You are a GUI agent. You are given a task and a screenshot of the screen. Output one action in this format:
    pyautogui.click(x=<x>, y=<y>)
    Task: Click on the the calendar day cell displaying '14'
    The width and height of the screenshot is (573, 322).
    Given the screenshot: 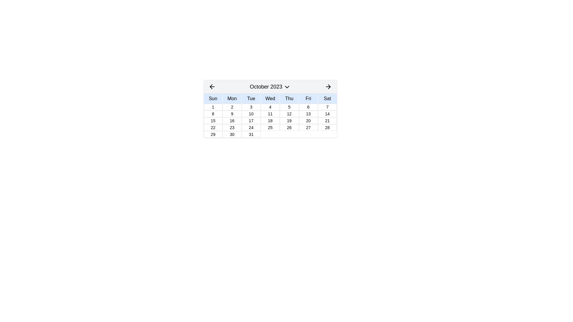 What is the action you would take?
    pyautogui.click(x=327, y=114)
    